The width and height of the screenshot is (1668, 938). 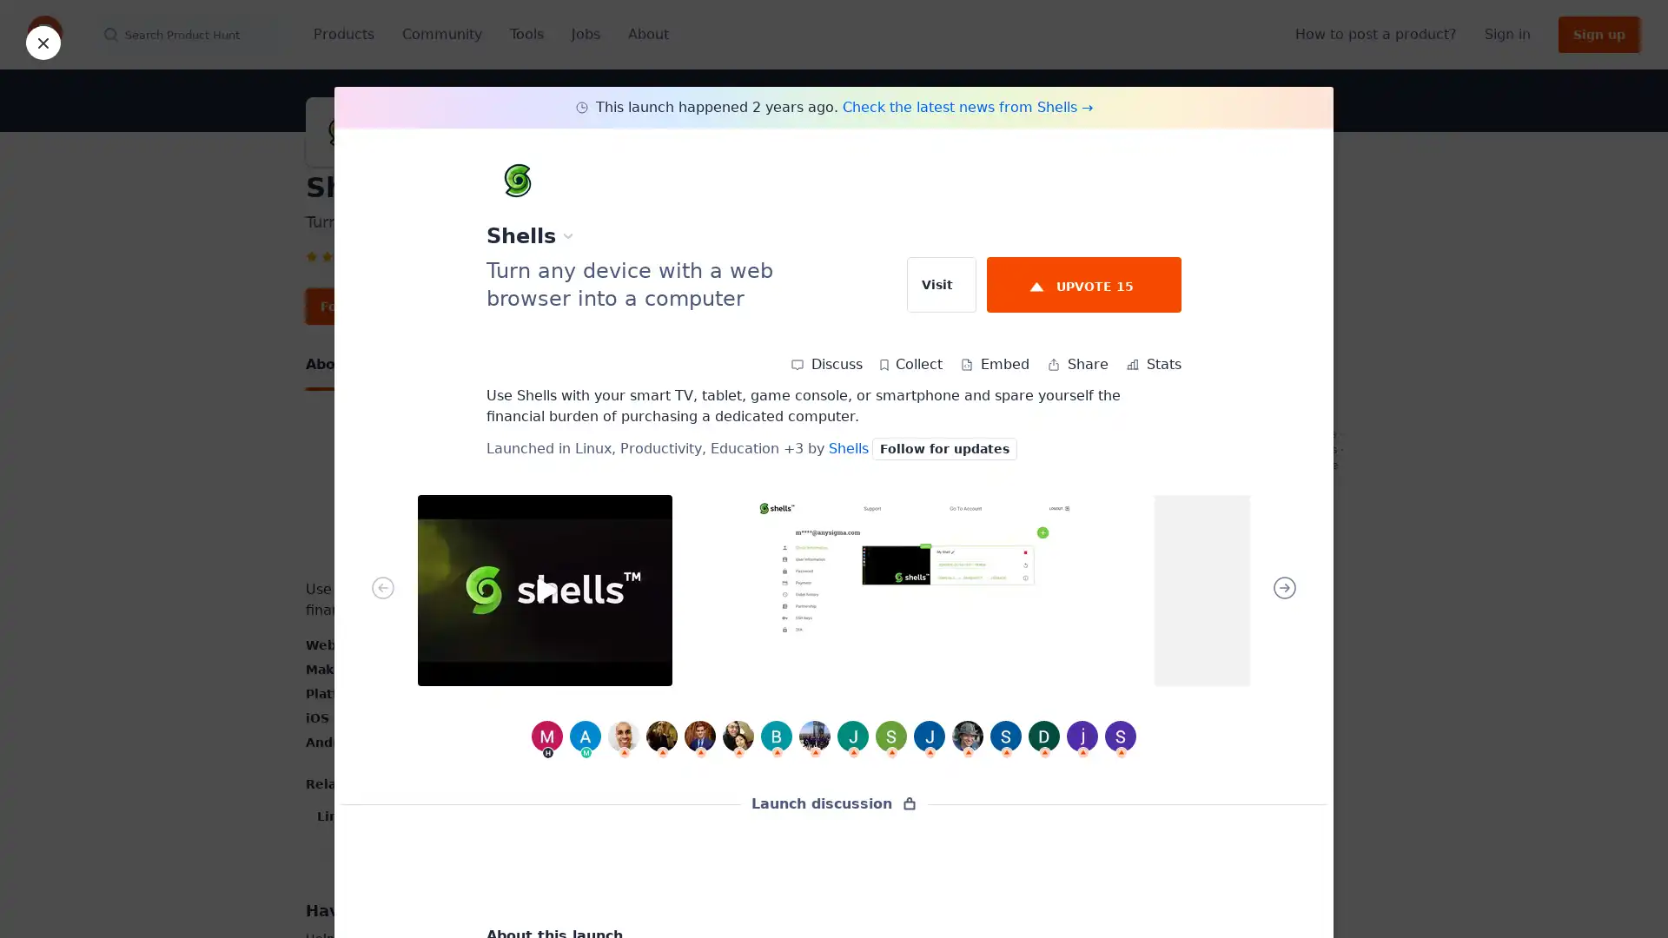 What do you see at coordinates (1076, 364) in the screenshot?
I see `Share` at bounding box center [1076, 364].